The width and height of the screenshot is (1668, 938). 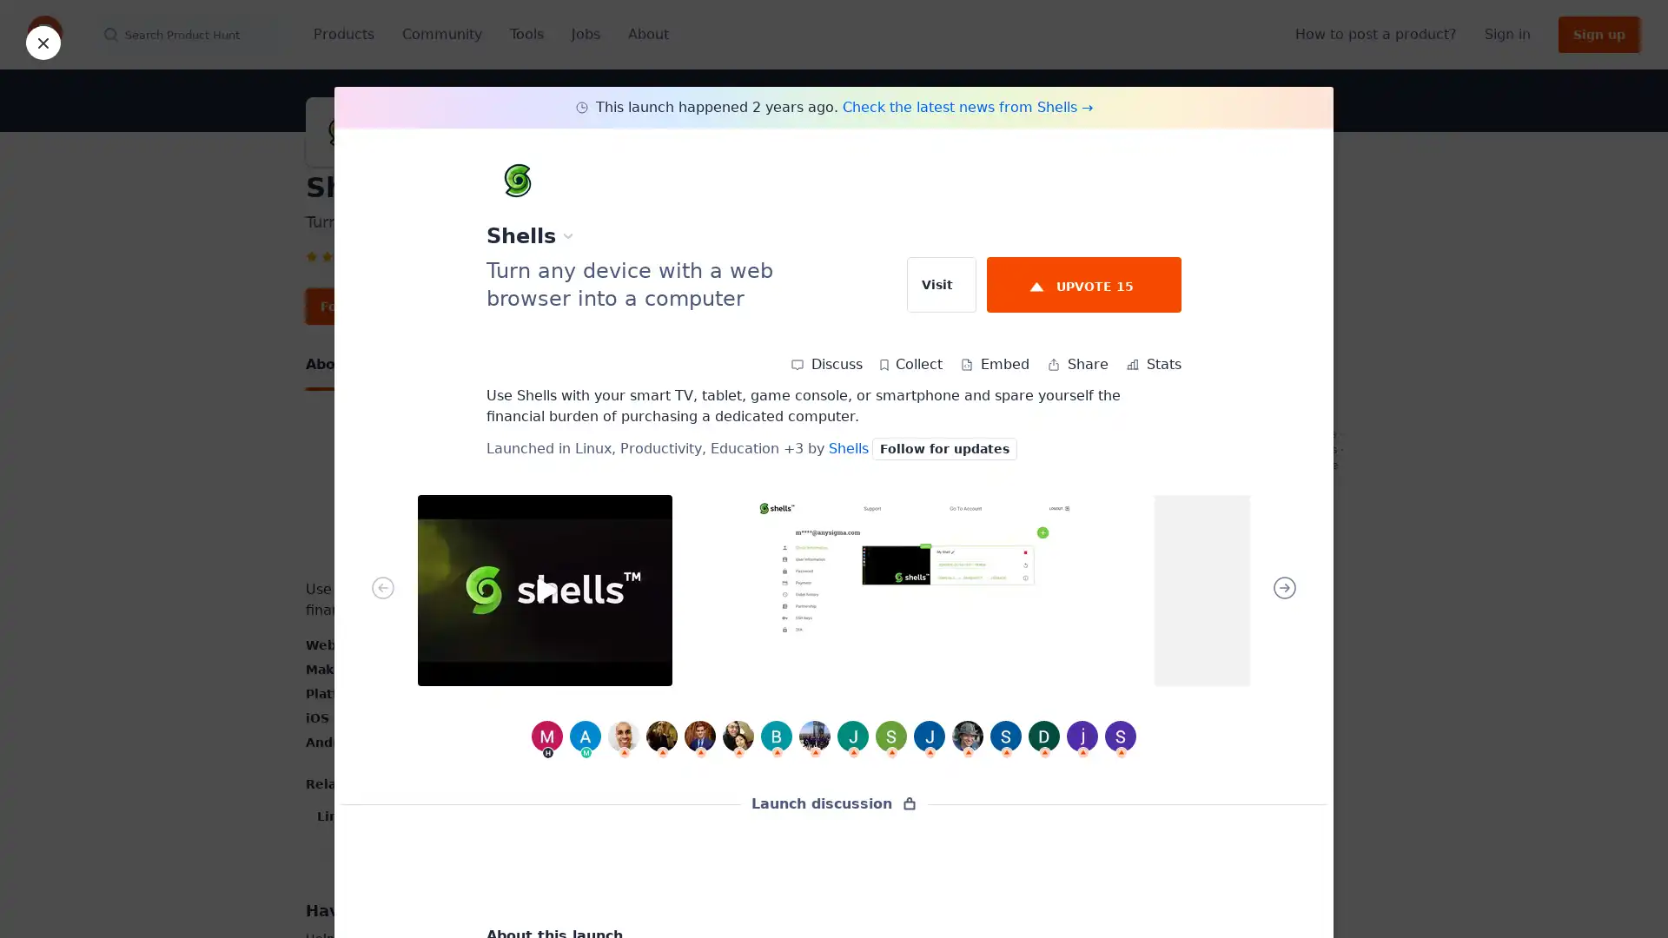 What do you see at coordinates (1076, 364) in the screenshot?
I see `Share` at bounding box center [1076, 364].